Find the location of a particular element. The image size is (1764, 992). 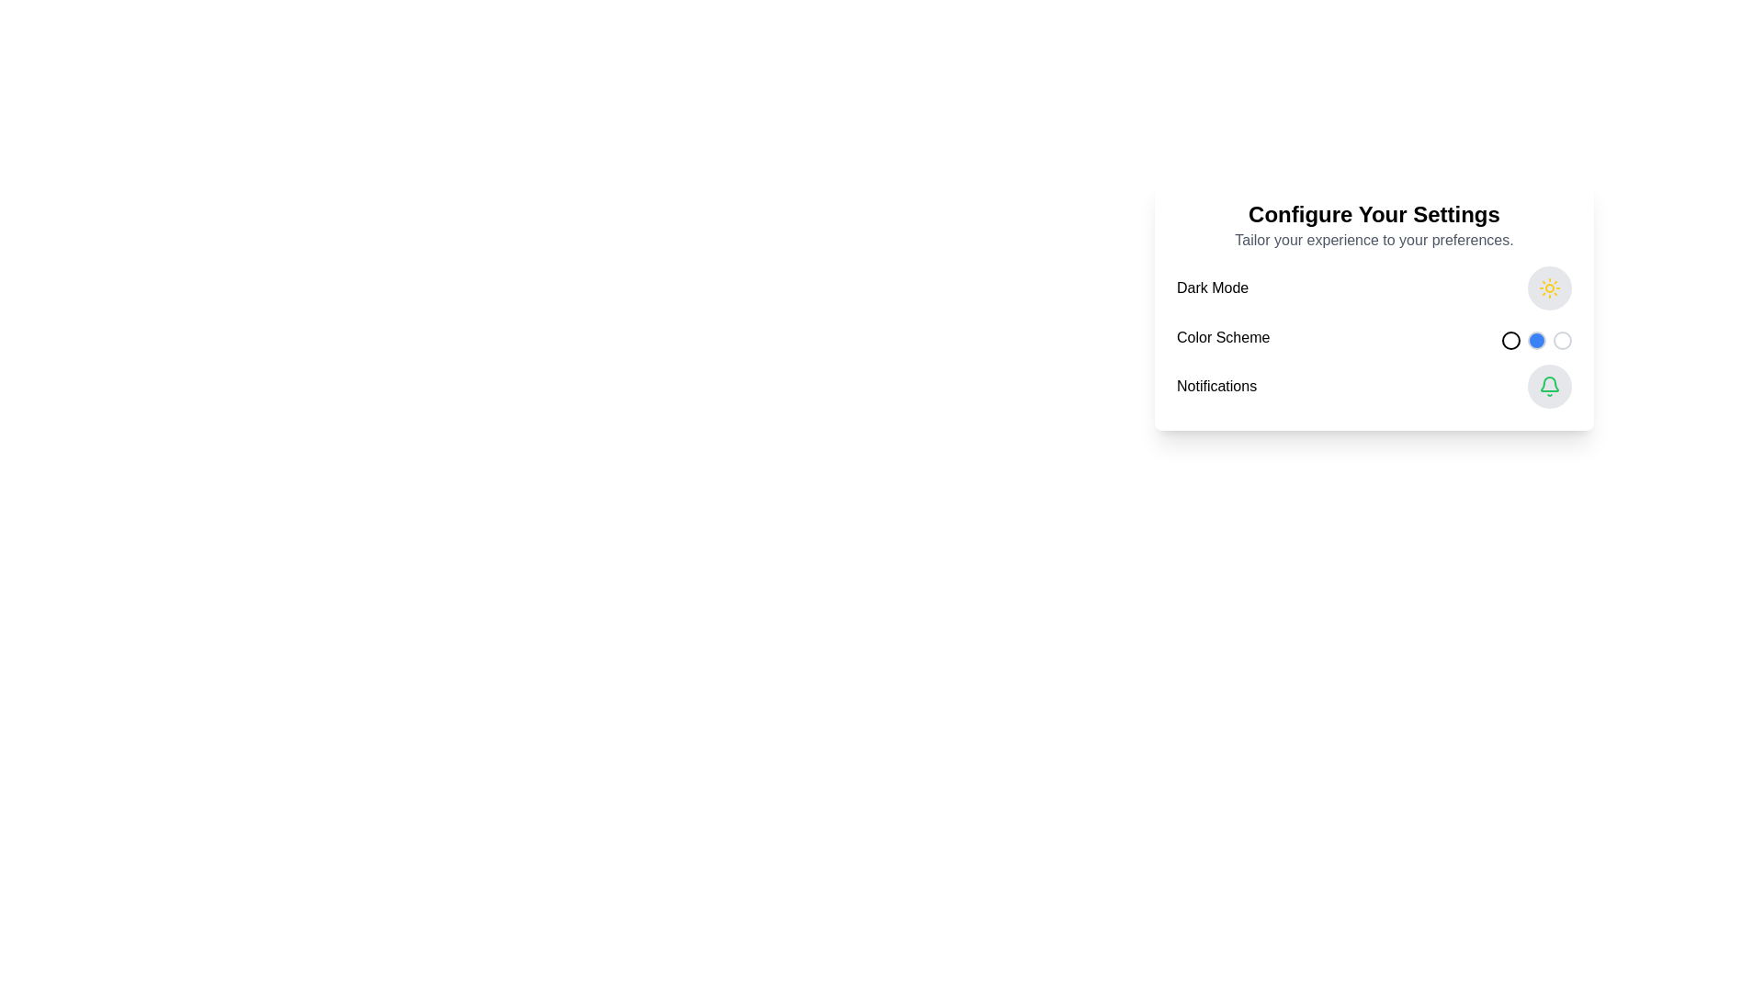

the green bell icon within the circular button in the bottom-right corner of the 'Configure Your Settings' section is located at coordinates (1548, 385).